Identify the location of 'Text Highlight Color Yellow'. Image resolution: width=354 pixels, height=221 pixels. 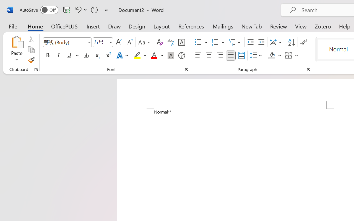
(137, 56).